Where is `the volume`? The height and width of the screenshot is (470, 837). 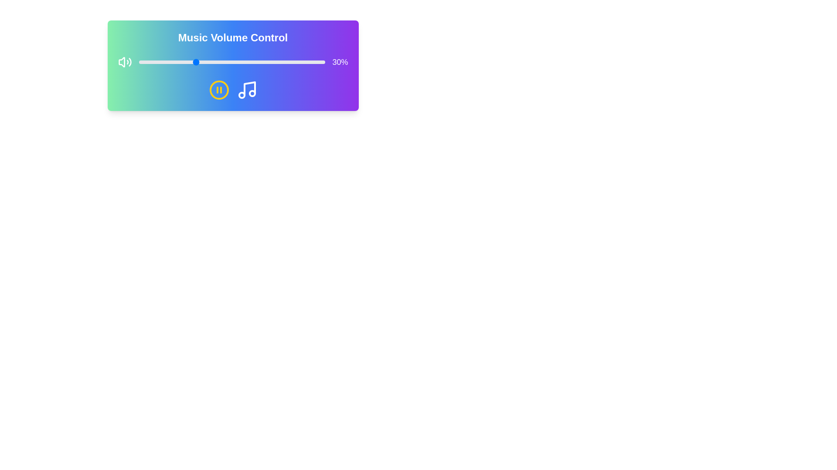
the volume is located at coordinates (215, 61).